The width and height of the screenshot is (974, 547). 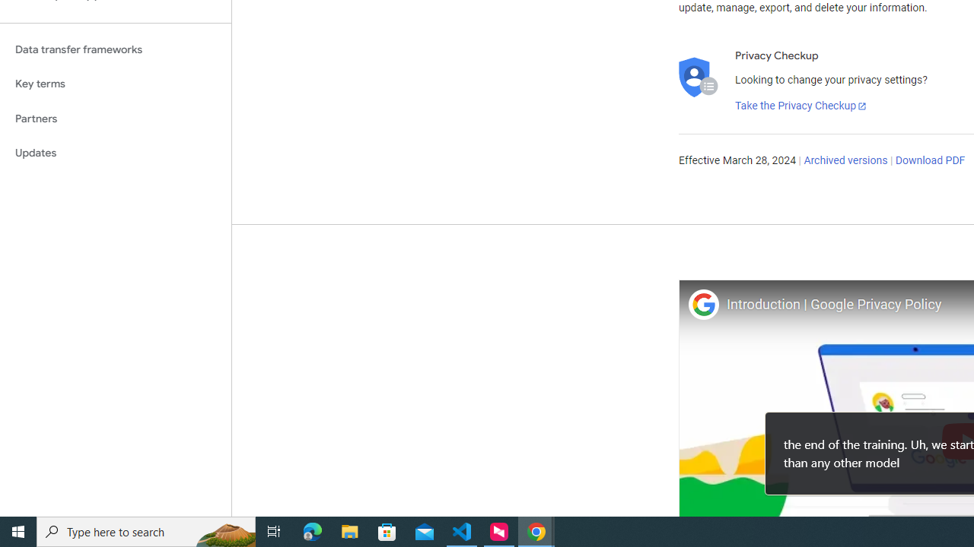 What do you see at coordinates (115, 49) in the screenshot?
I see `'Data transfer frameworks'` at bounding box center [115, 49].